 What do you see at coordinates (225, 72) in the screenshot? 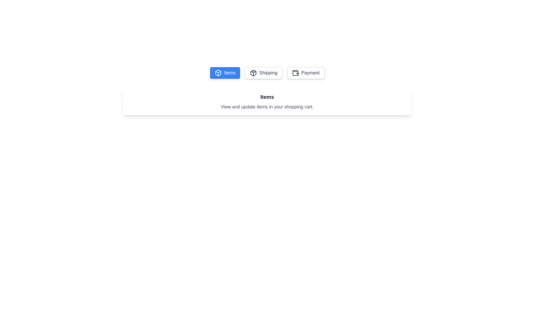
I see `the text content of the tab Items` at bounding box center [225, 72].